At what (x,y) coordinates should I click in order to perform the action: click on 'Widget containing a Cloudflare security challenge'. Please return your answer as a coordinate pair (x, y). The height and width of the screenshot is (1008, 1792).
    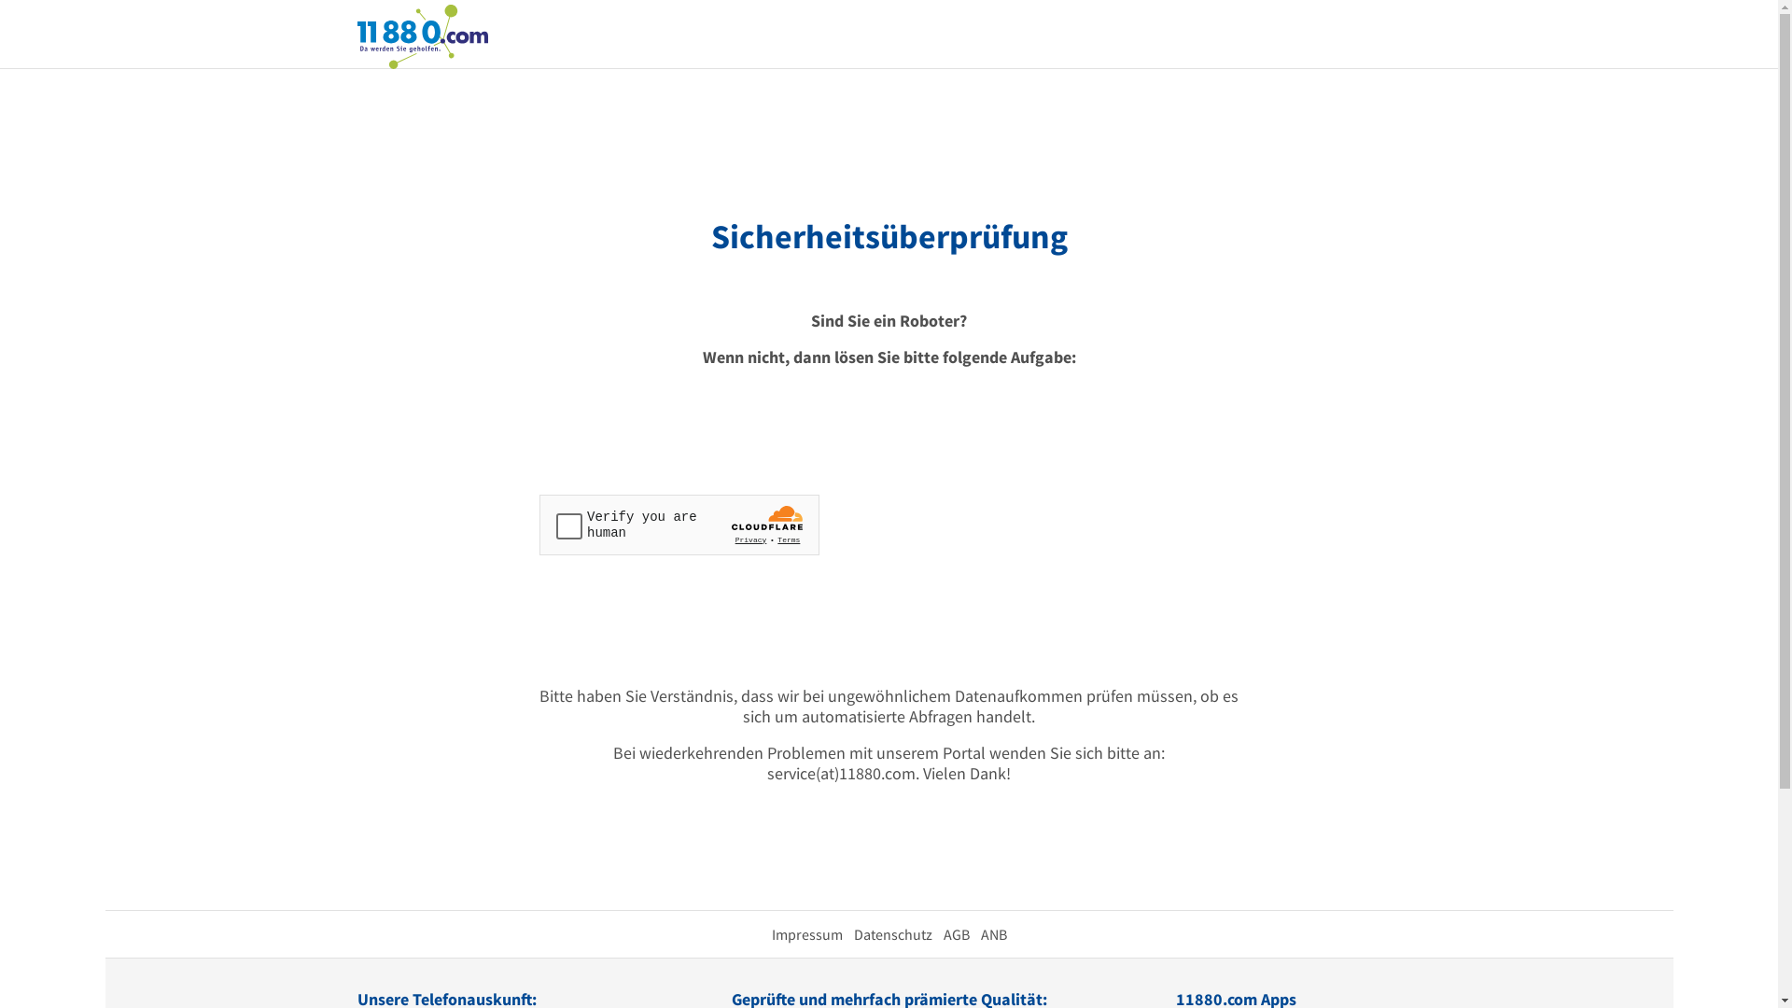
    Looking at the image, I should click on (679, 525).